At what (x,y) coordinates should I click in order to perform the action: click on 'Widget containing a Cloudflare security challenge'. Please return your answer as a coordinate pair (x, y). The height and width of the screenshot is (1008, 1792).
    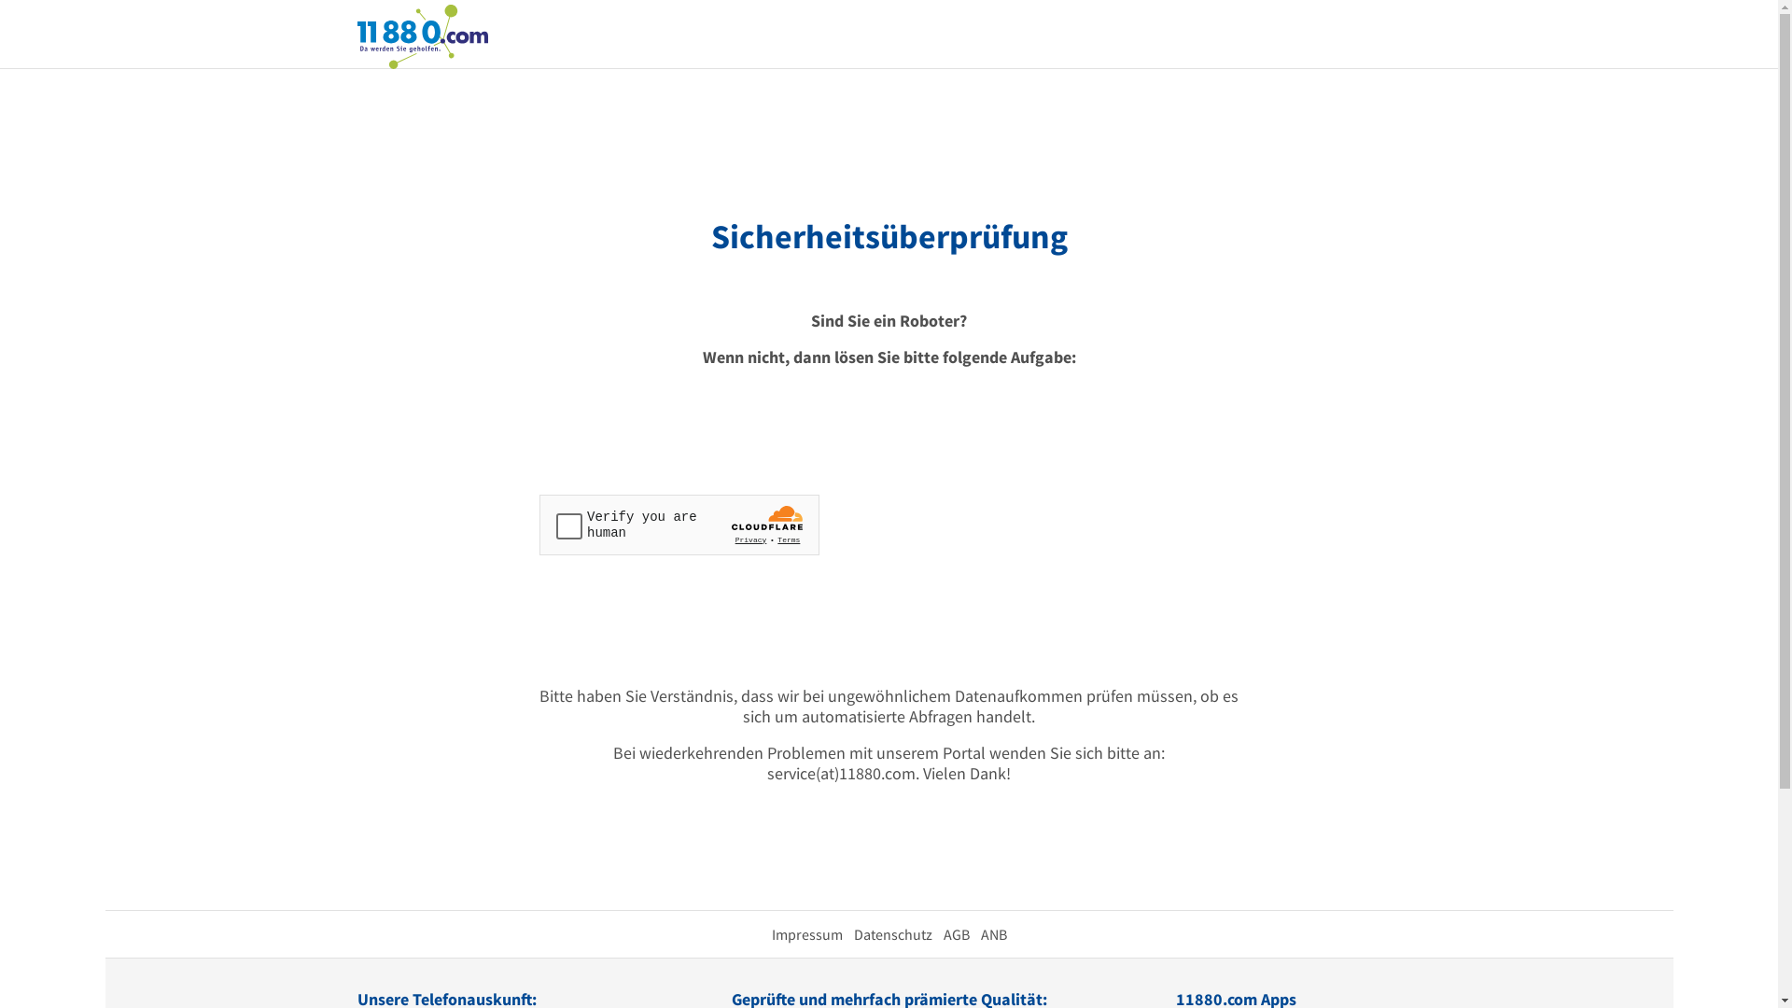
    Looking at the image, I should click on (679, 525).